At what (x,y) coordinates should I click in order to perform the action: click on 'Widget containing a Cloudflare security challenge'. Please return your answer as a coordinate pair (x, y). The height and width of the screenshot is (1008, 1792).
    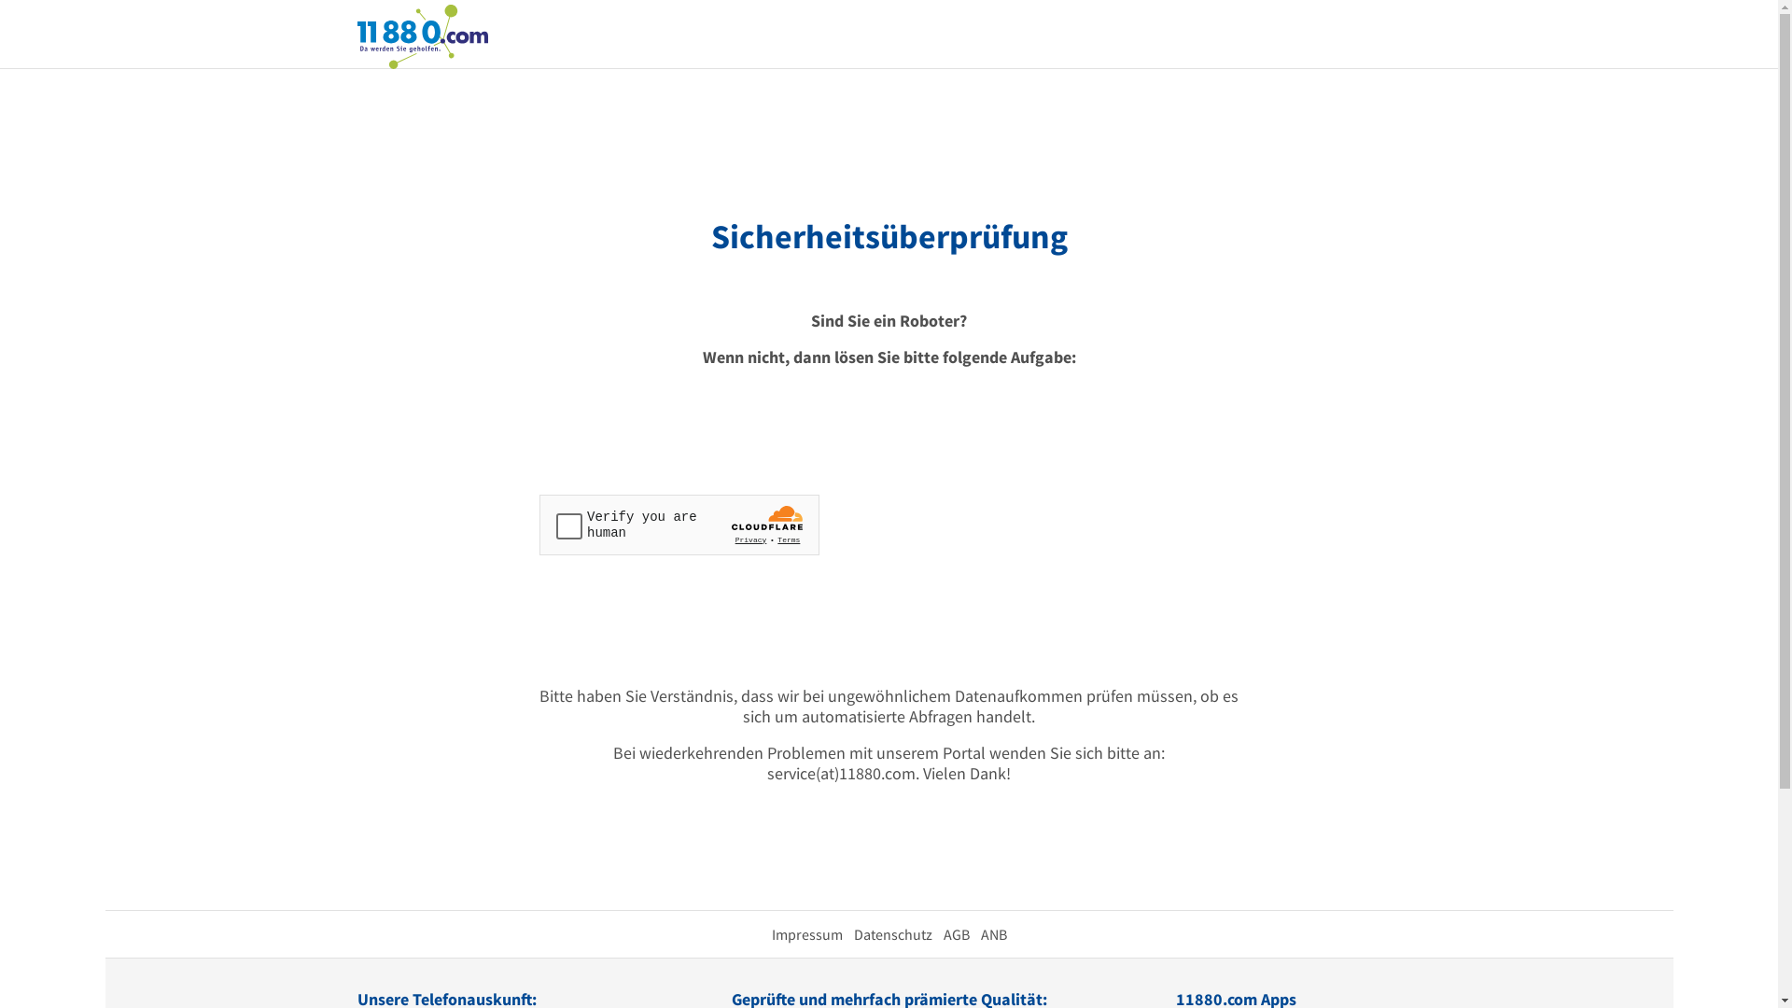
    Looking at the image, I should click on (679, 525).